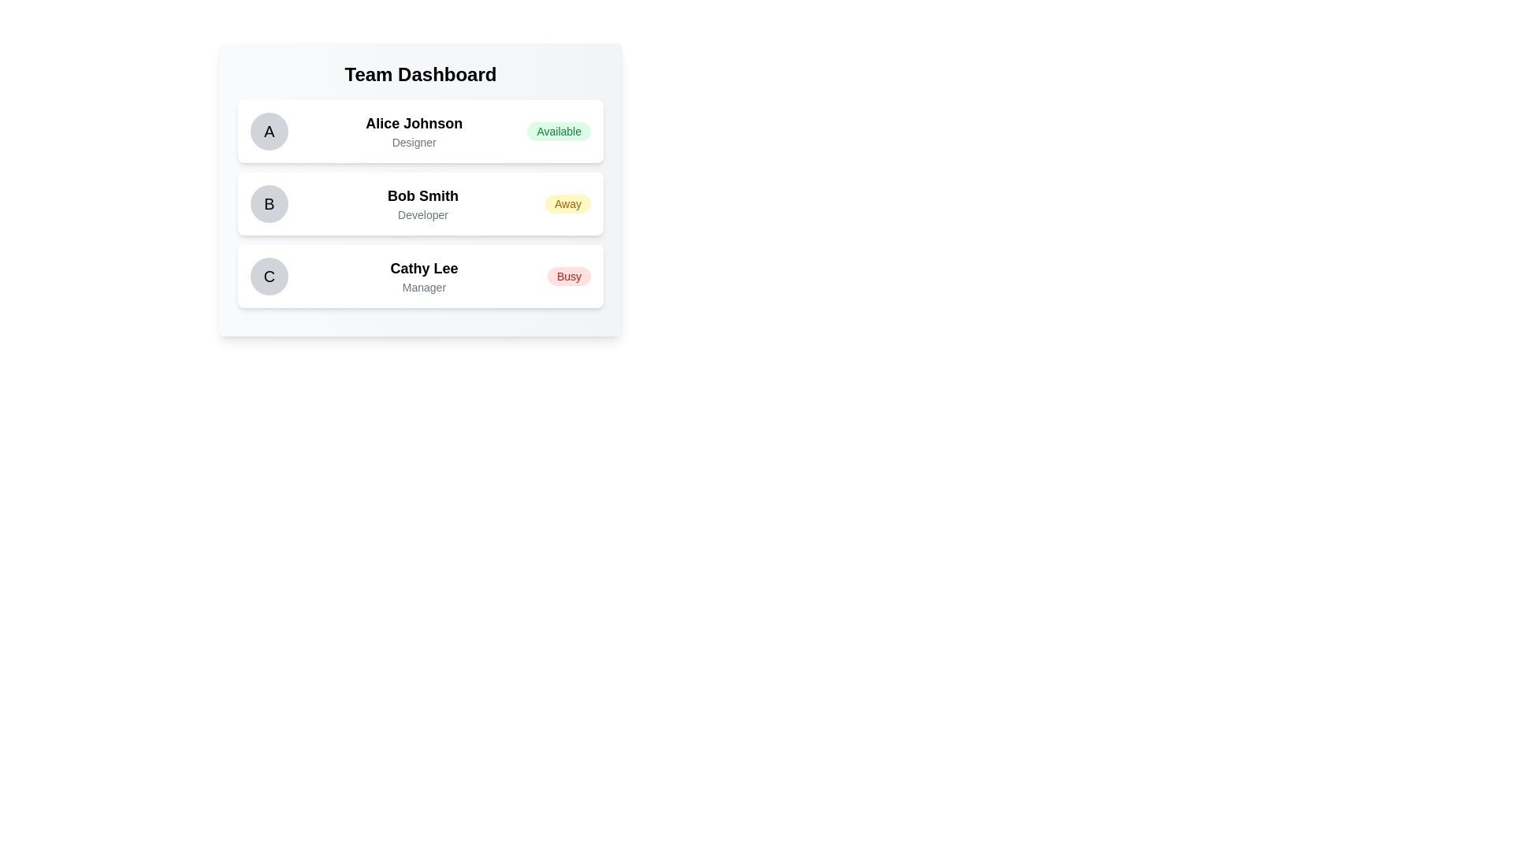 This screenshot has width=1513, height=851. What do you see at coordinates (559, 130) in the screenshot?
I see `the Status label indicating that Alice Johnson is currently available, located in the first row of team members, adjacent to her name` at bounding box center [559, 130].